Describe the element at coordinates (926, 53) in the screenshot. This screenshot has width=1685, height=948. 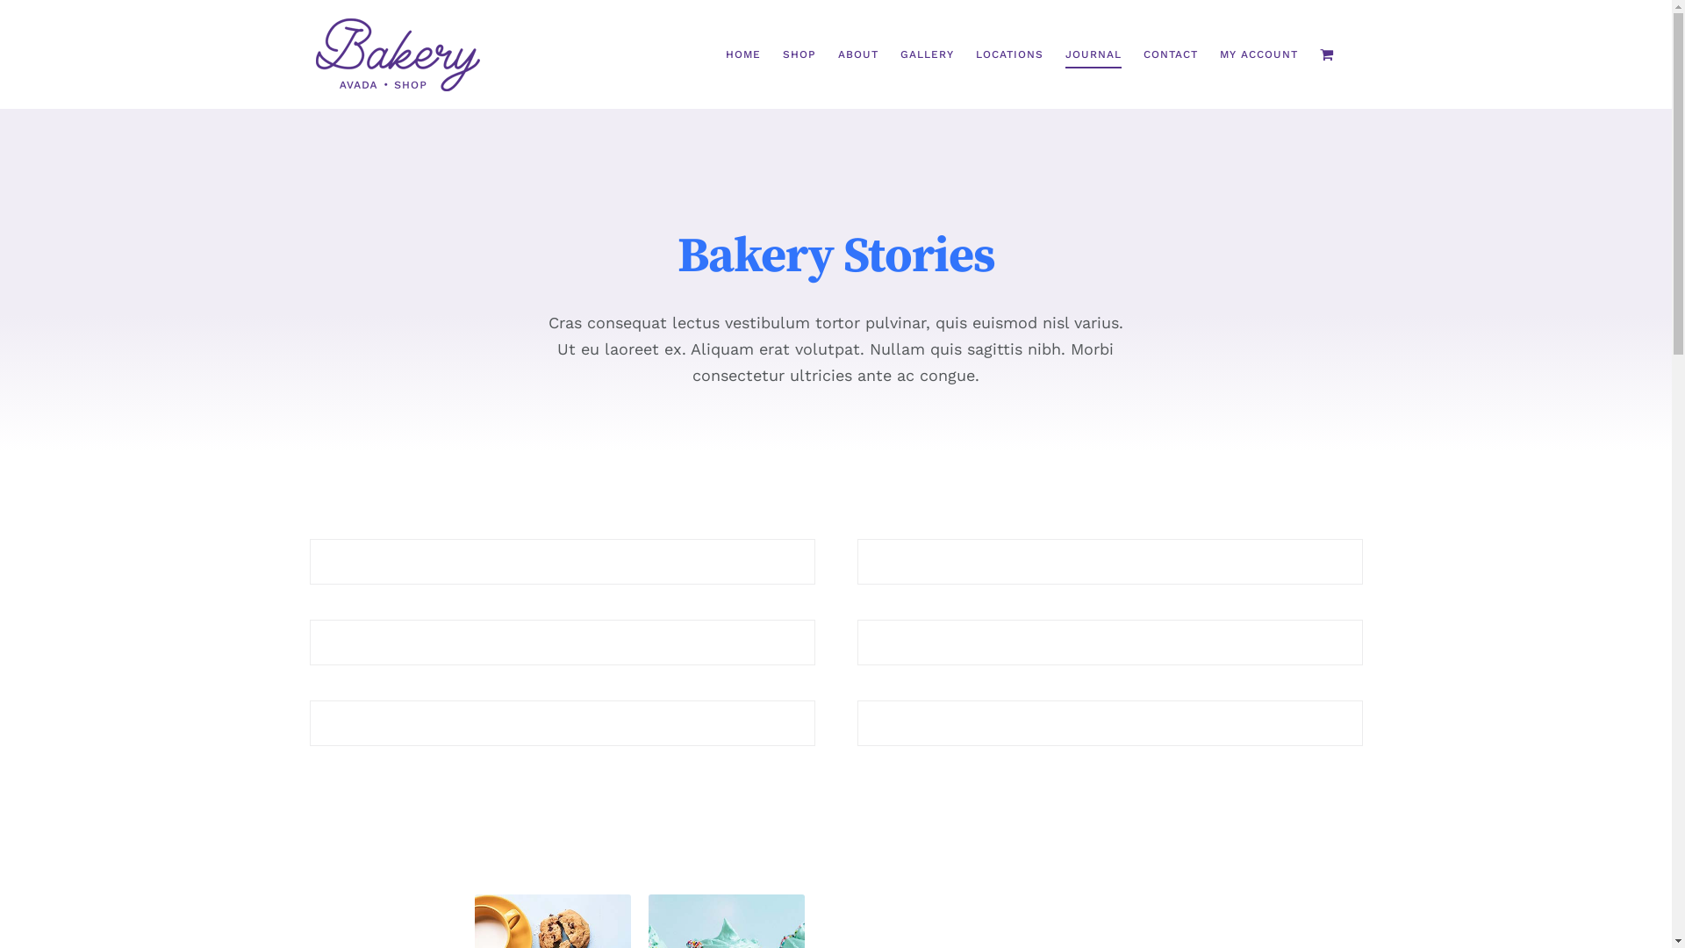
I see `'GALLERY'` at that location.